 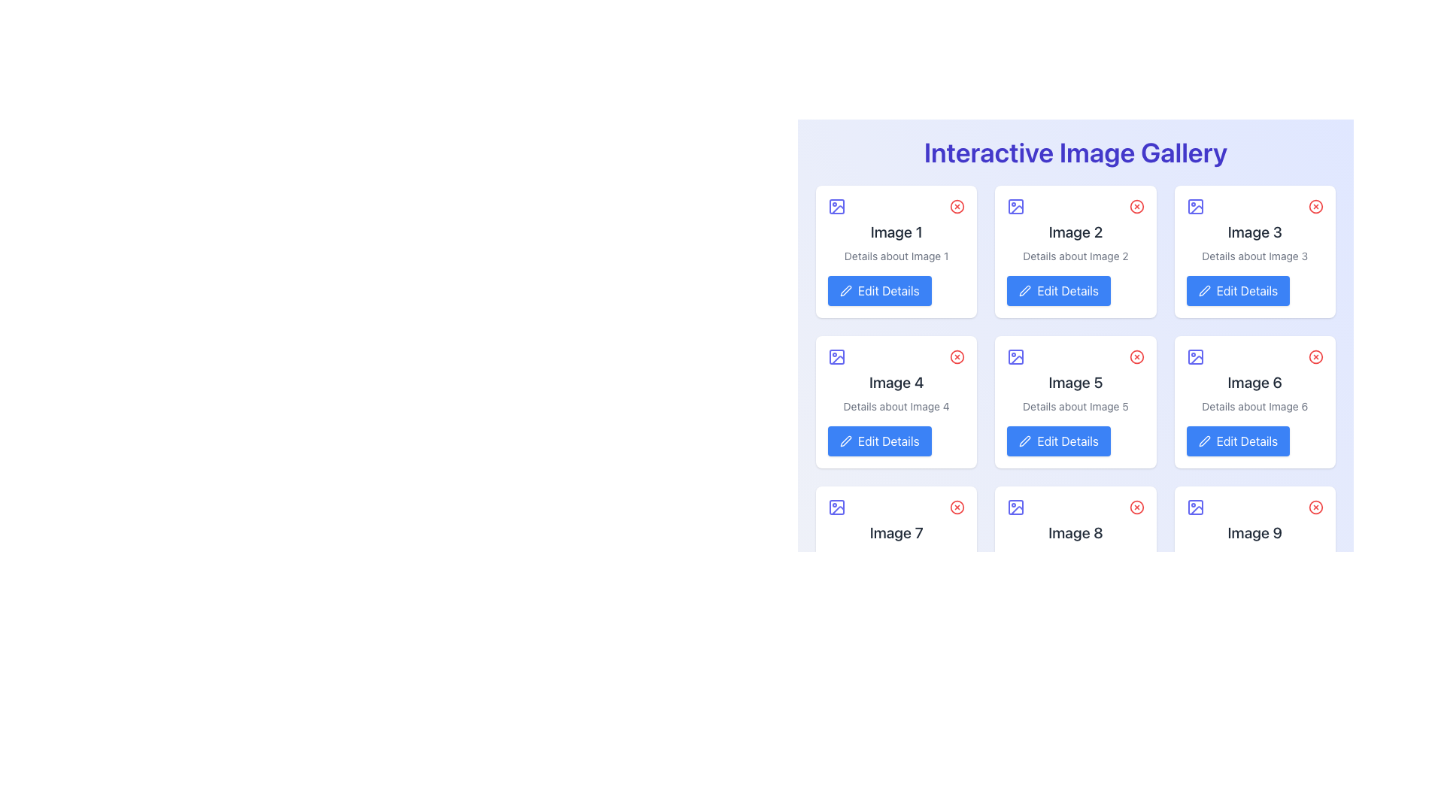 What do you see at coordinates (956, 356) in the screenshot?
I see `the removal button located in the top-right corner of the 'Image 4' box` at bounding box center [956, 356].